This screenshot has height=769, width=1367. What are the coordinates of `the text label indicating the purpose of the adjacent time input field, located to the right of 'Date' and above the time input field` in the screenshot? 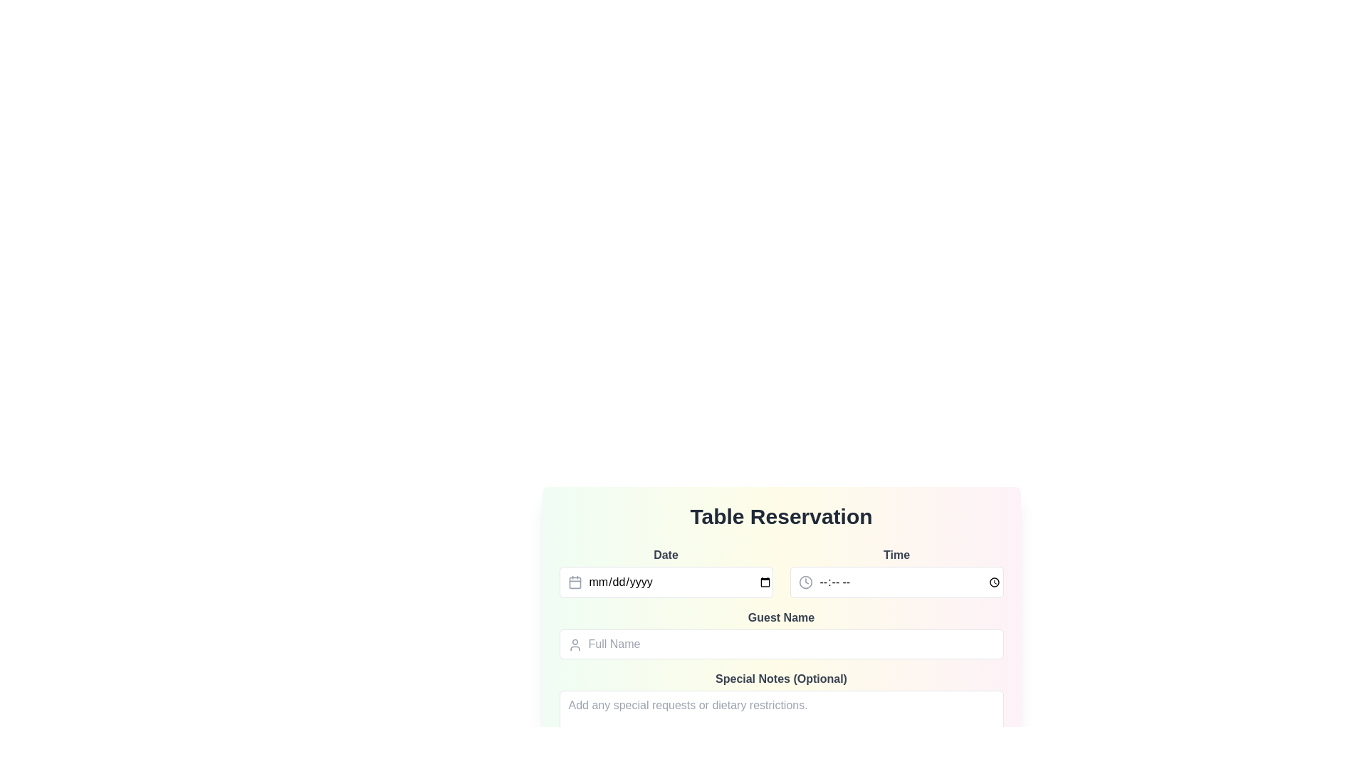 It's located at (896, 554).